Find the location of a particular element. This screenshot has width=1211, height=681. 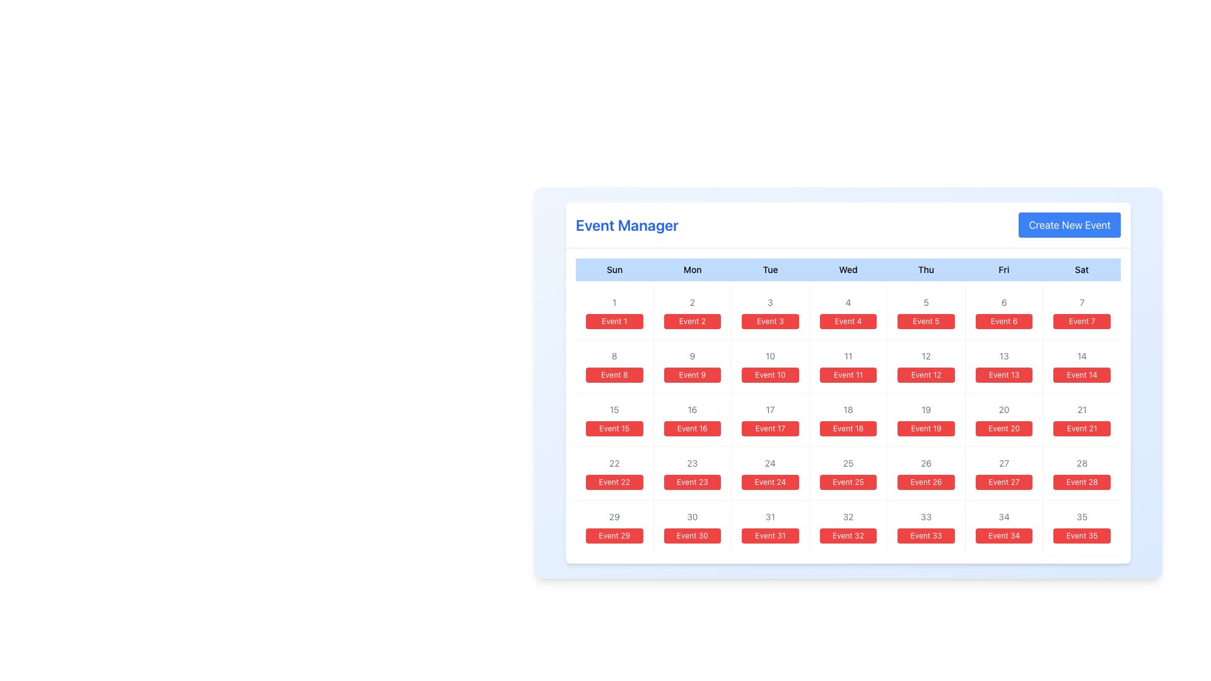

the non-interactive button representing the scheduled event for the 19th day in the Thursday column of the calendar is located at coordinates (926, 428).